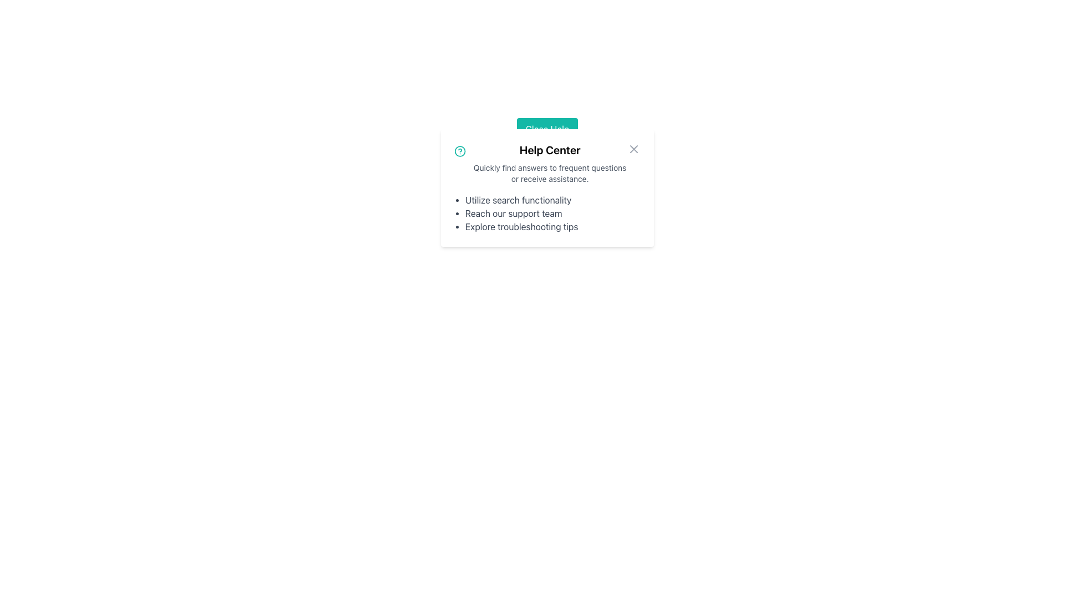 The height and width of the screenshot is (599, 1065). I want to click on the close icon located at the top-right corner of the help center panel, so click(633, 149).